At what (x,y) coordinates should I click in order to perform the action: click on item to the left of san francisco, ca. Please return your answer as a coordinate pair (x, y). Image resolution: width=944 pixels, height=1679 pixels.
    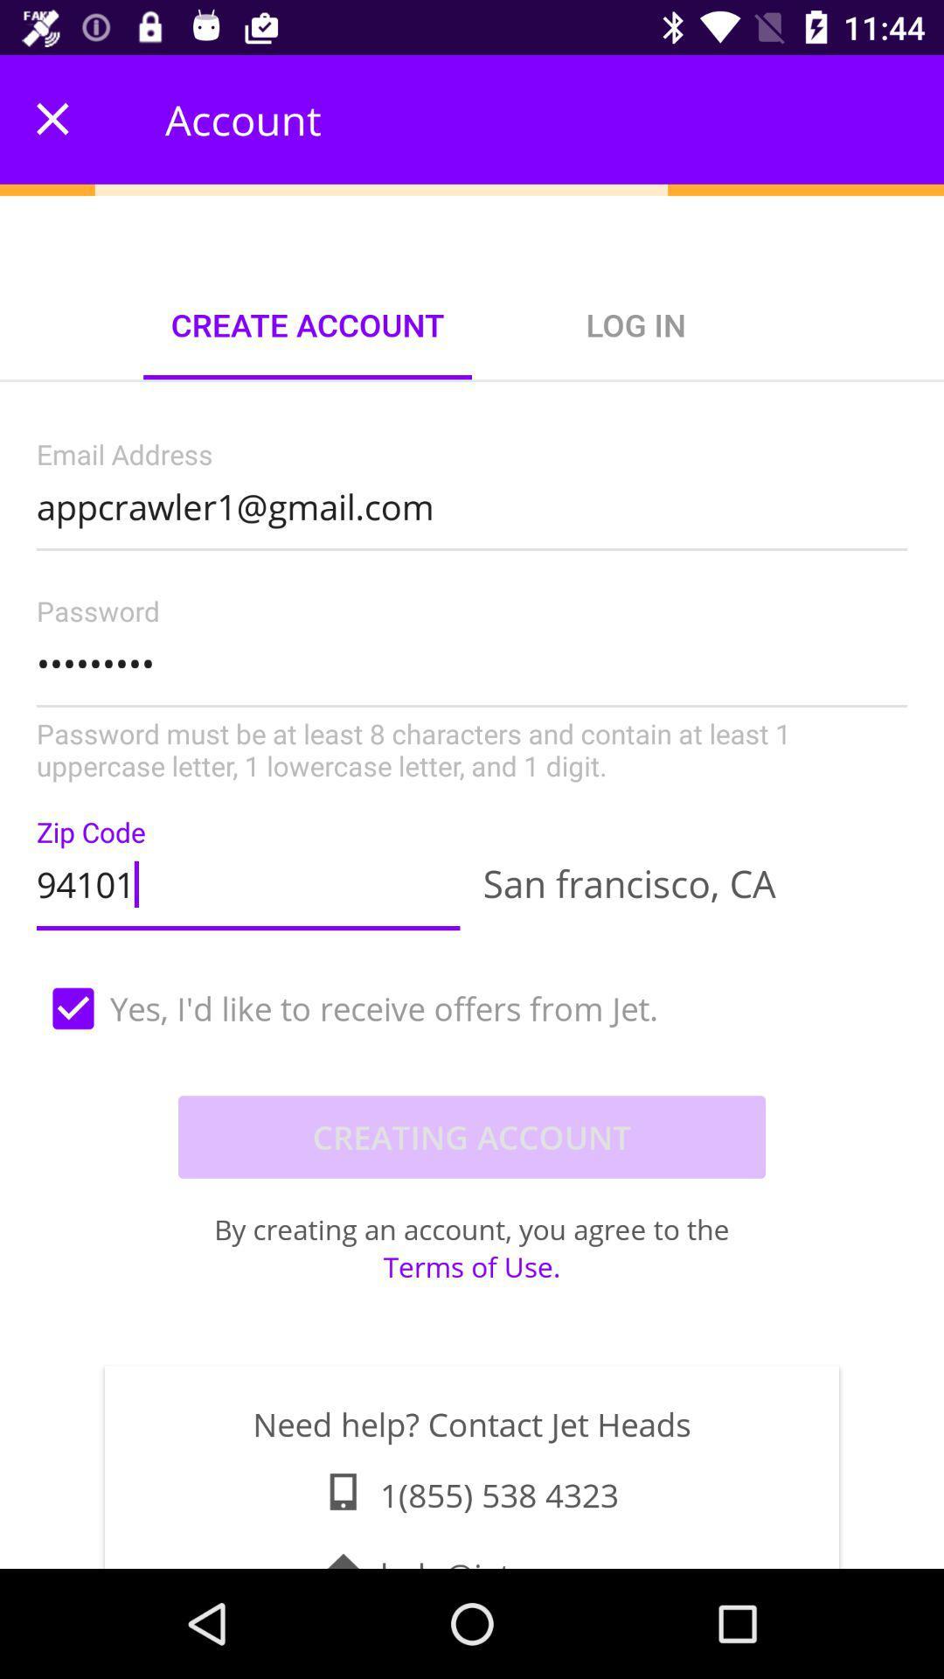
    Looking at the image, I should click on (248, 880).